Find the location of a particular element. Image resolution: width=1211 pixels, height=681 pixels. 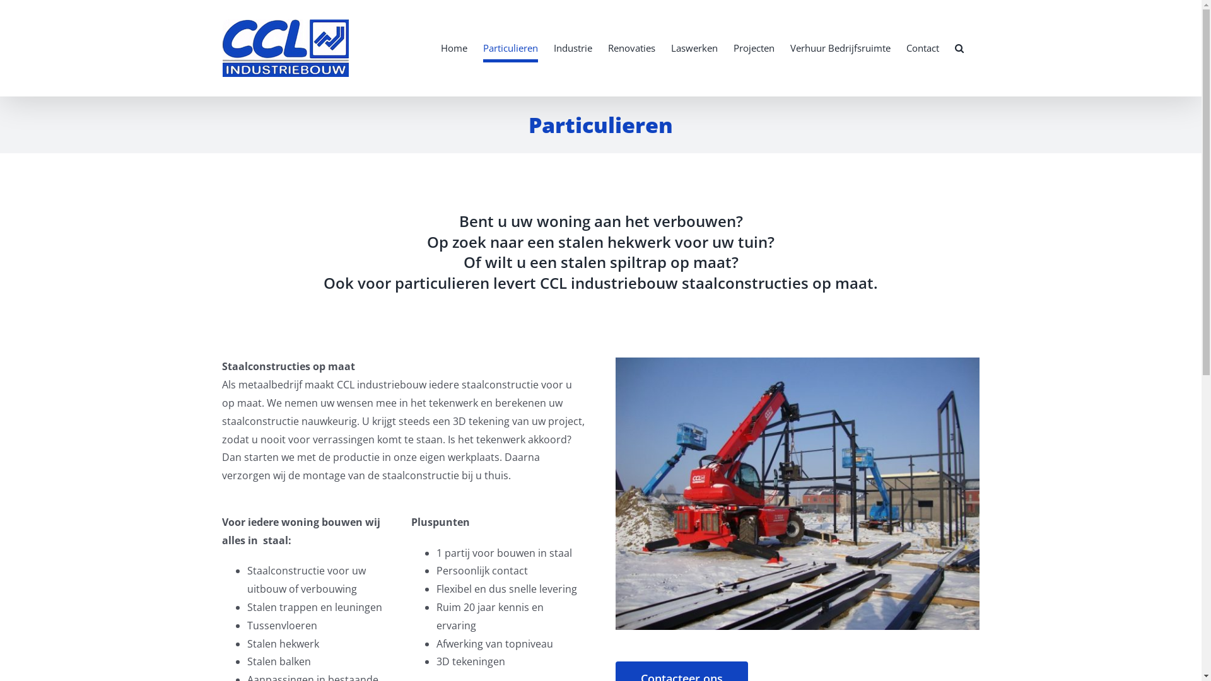

'Renovaties' is located at coordinates (631, 47).